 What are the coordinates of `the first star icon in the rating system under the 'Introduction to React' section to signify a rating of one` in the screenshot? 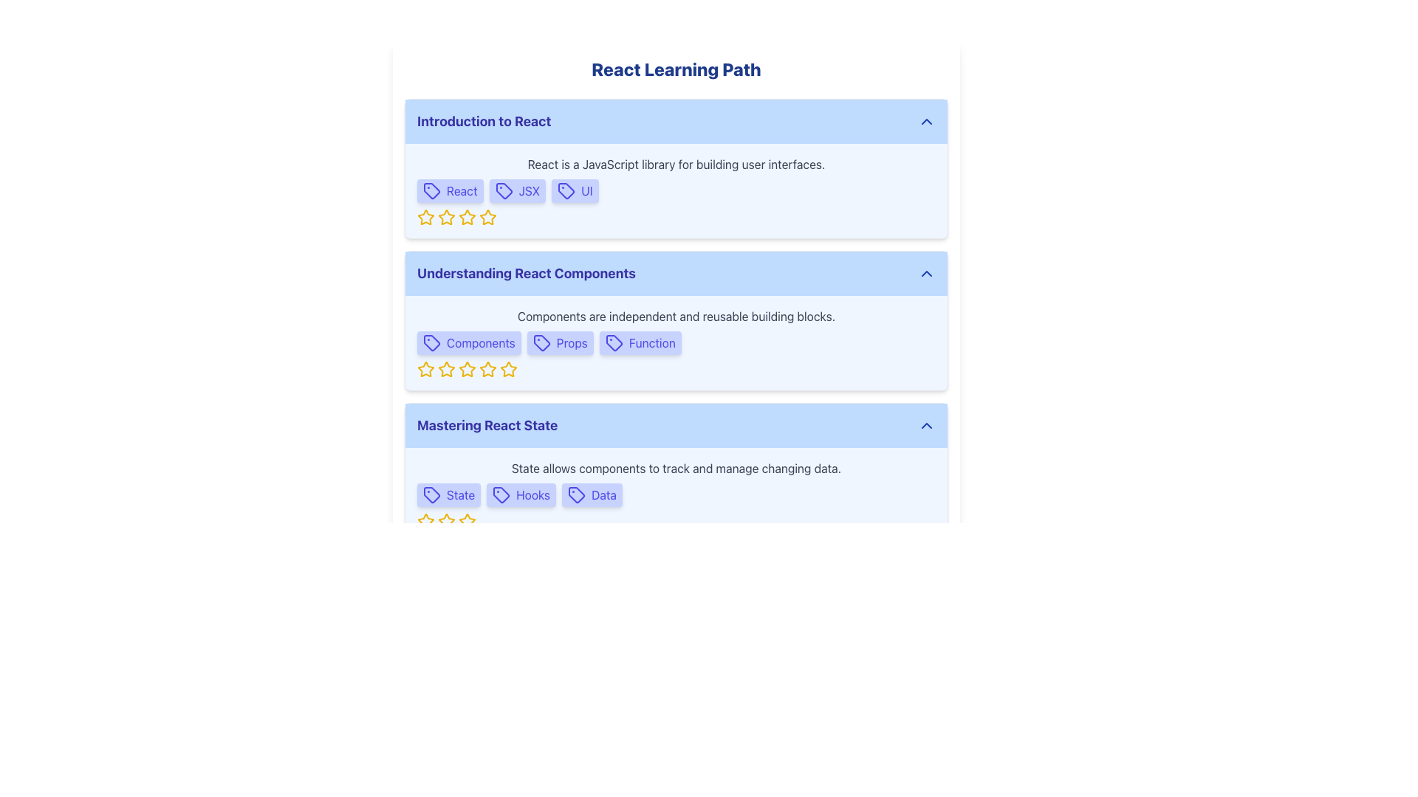 It's located at (425, 217).